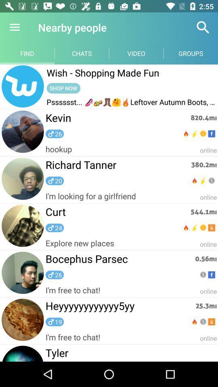 This screenshot has width=218, height=387. What do you see at coordinates (63, 88) in the screenshot?
I see `the shop now item` at bounding box center [63, 88].